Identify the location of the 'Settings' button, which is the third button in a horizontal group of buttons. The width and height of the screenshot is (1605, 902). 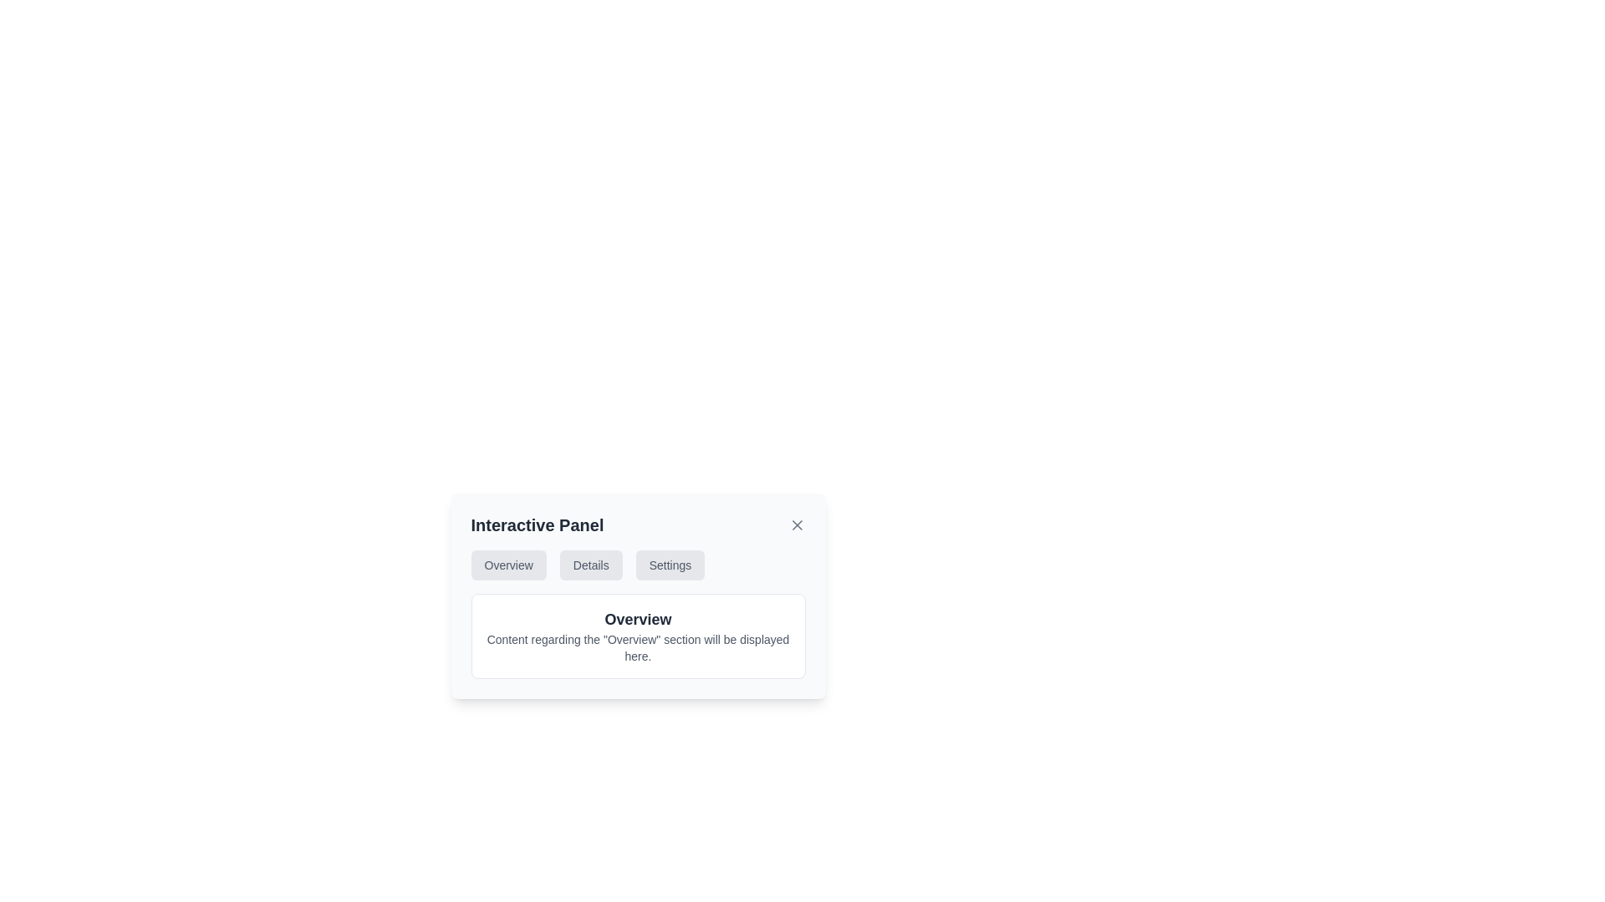
(670, 565).